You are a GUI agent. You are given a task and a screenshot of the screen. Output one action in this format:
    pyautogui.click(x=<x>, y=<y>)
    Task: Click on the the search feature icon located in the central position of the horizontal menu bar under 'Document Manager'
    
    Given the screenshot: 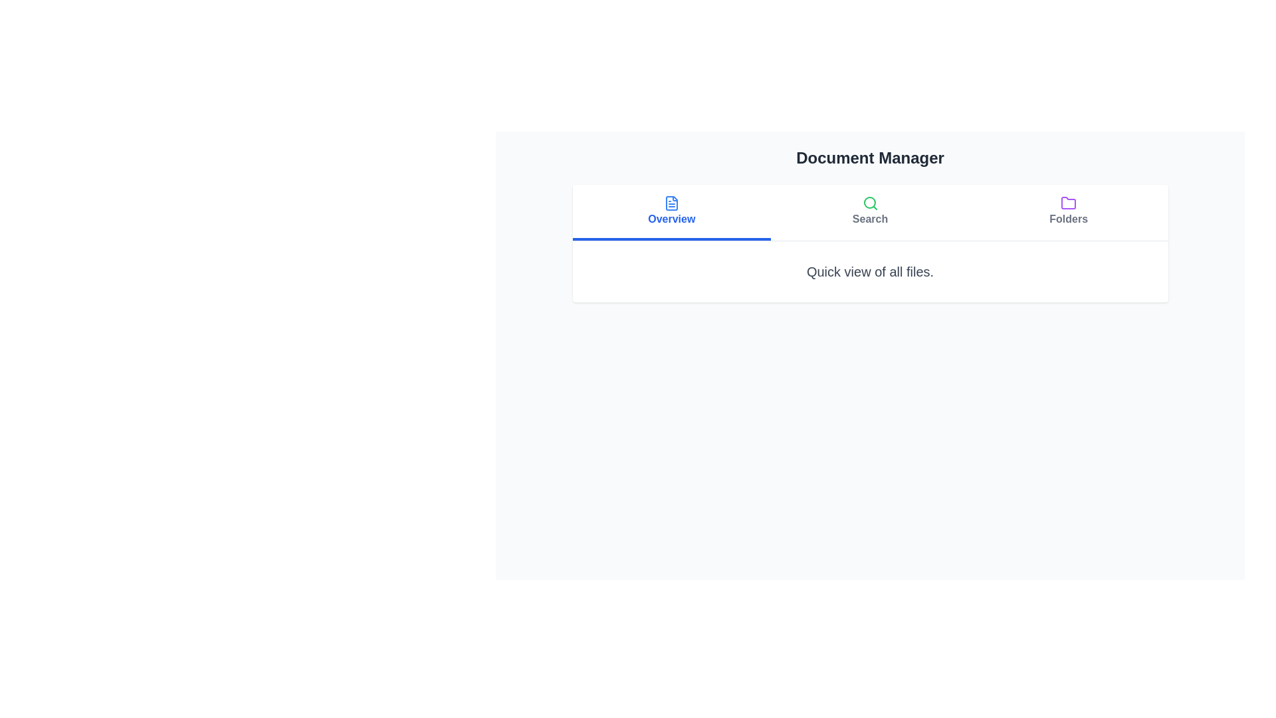 What is the action you would take?
    pyautogui.click(x=870, y=210)
    